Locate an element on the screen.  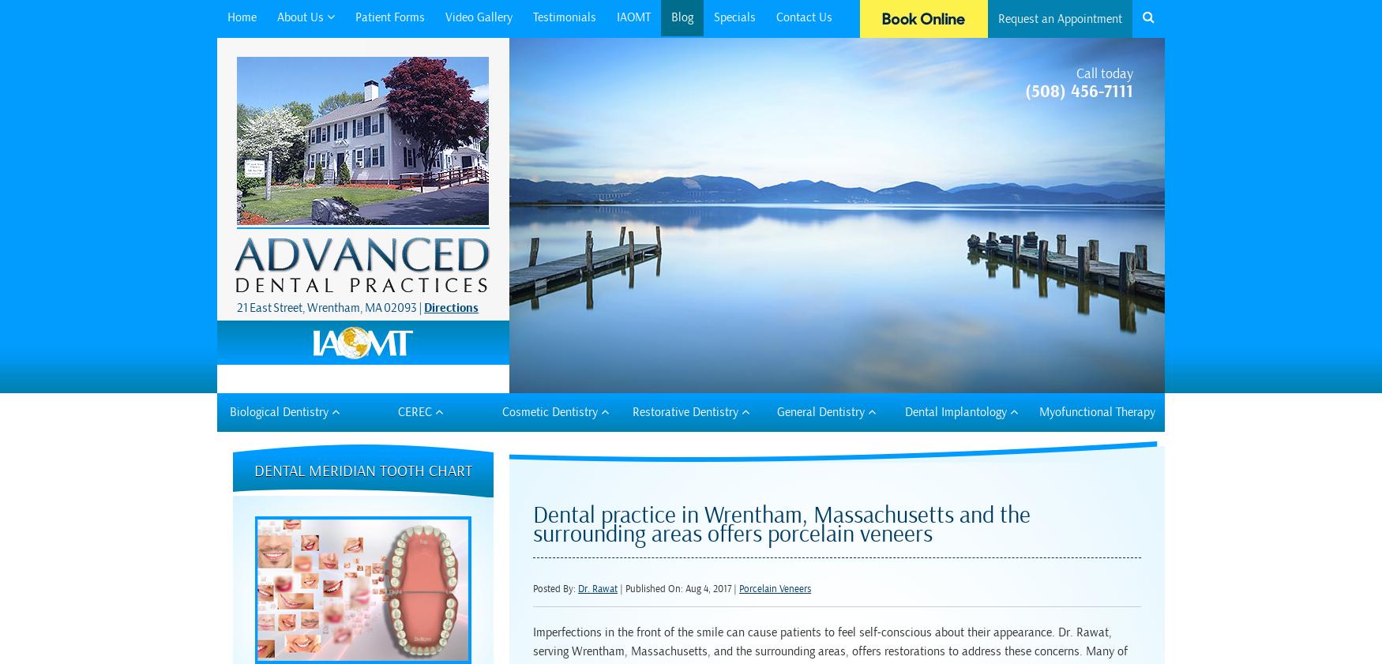
'Dental Implantology' is located at coordinates (957, 411).